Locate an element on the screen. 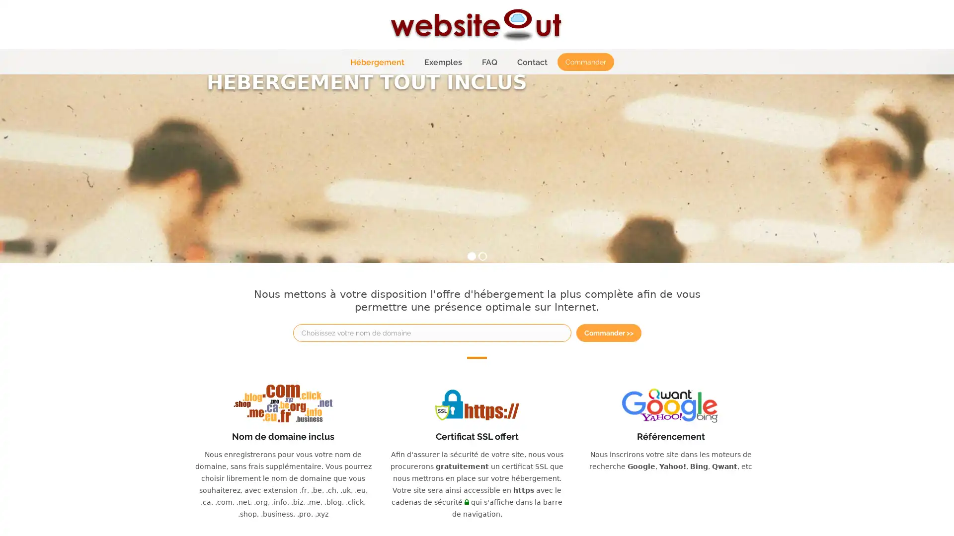  Commander >> is located at coordinates (608, 333).